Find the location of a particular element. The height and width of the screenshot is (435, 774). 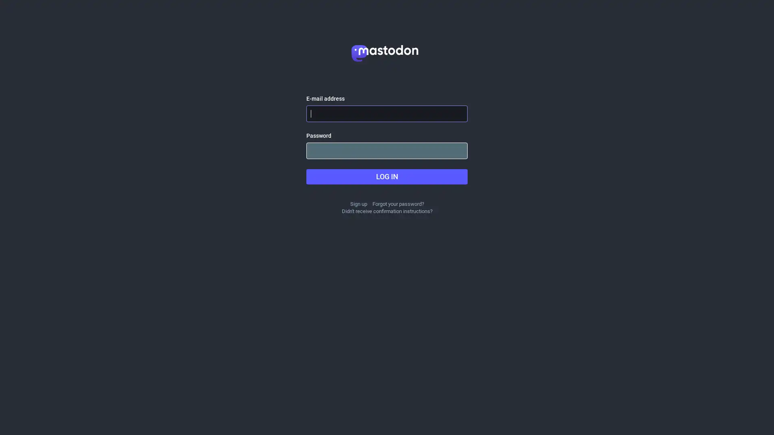

LOG IN is located at coordinates (387, 176).